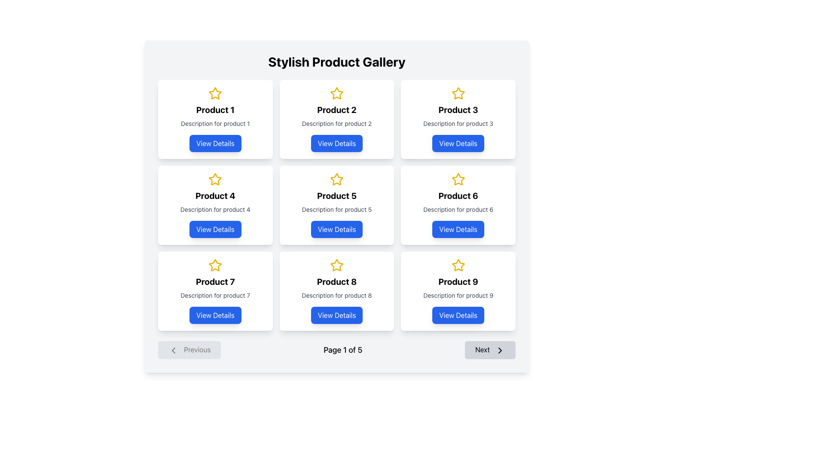 This screenshot has width=825, height=464. I want to click on the rating icon for 'Product 3', which is the third star from the left in the top-right corner of the product grid, so click(458, 93).